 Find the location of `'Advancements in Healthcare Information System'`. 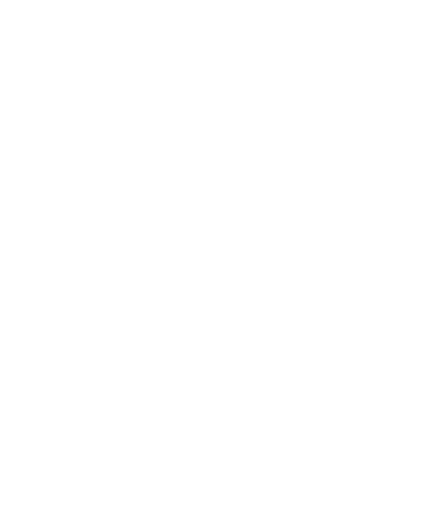

'Advancements in Healthcare Information System' is located at coordinates (138, 430).